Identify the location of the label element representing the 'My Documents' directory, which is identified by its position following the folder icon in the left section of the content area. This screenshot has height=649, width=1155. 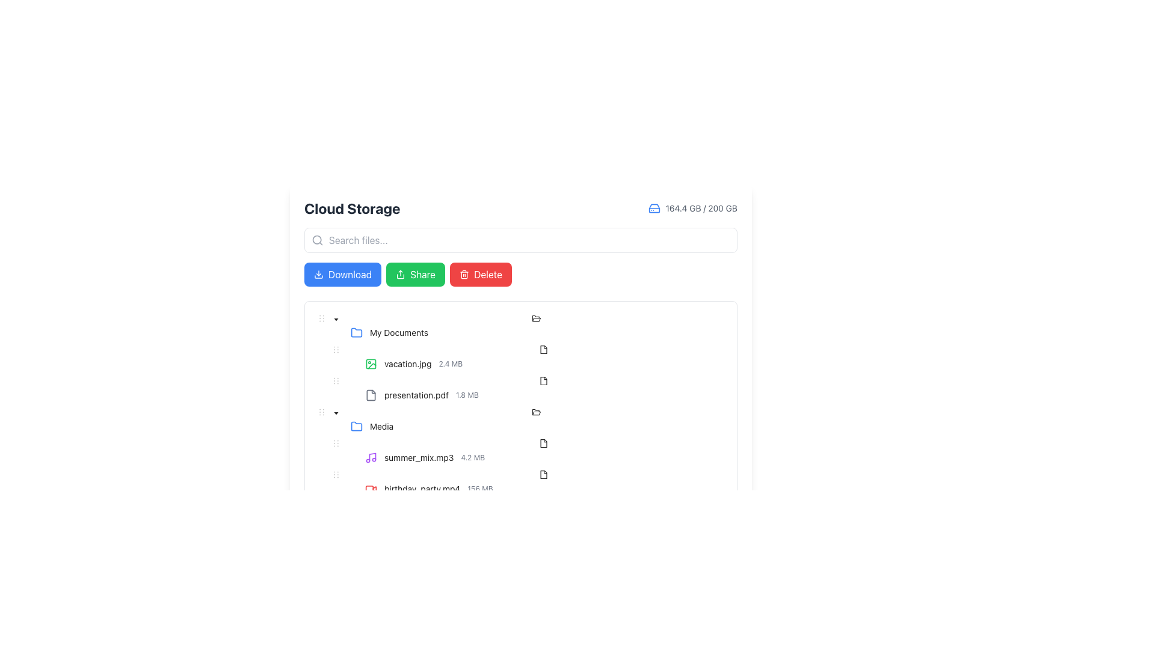
(399, 333).